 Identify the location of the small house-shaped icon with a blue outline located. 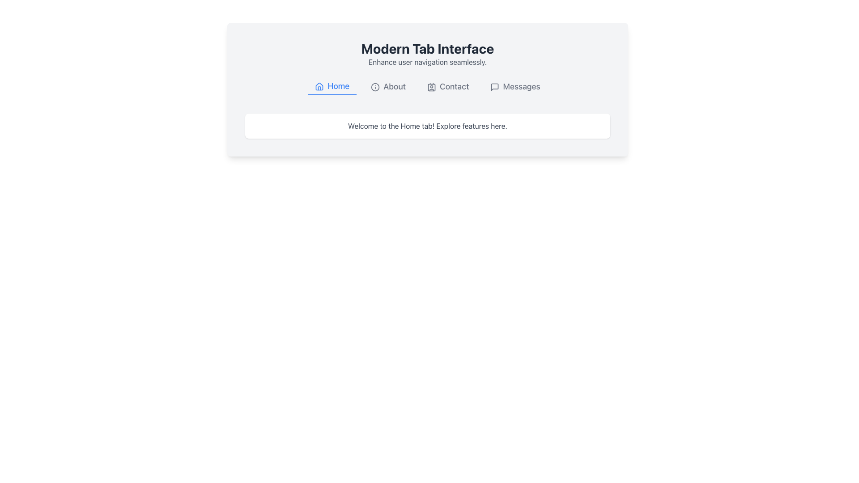
(319, 87).